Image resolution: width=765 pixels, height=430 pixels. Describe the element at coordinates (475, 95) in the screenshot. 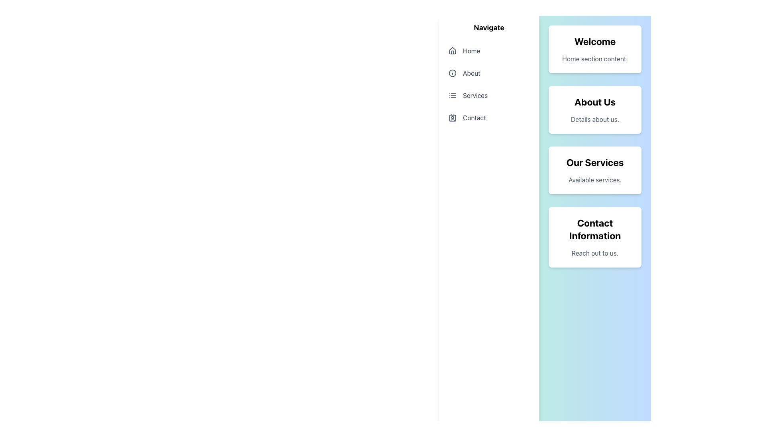

I see `the 'Services' text label in the navigation panel` at that location.